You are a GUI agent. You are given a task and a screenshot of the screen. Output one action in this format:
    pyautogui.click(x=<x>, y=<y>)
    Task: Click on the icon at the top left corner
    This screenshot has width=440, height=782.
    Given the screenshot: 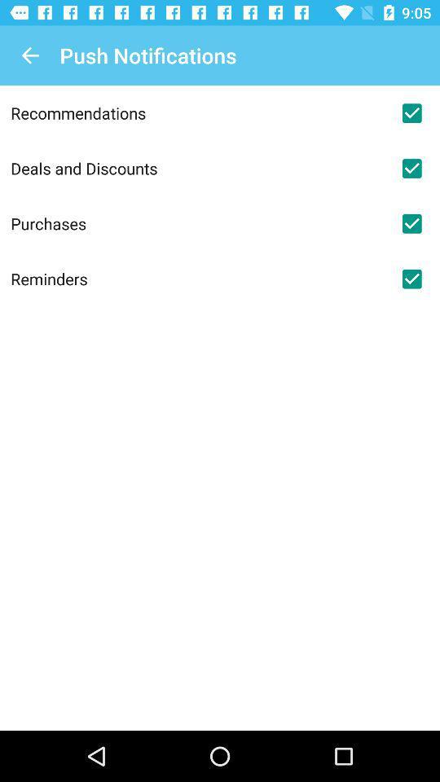 What is the action you would take?
    pyautogui.click(x=29, y=55)
    